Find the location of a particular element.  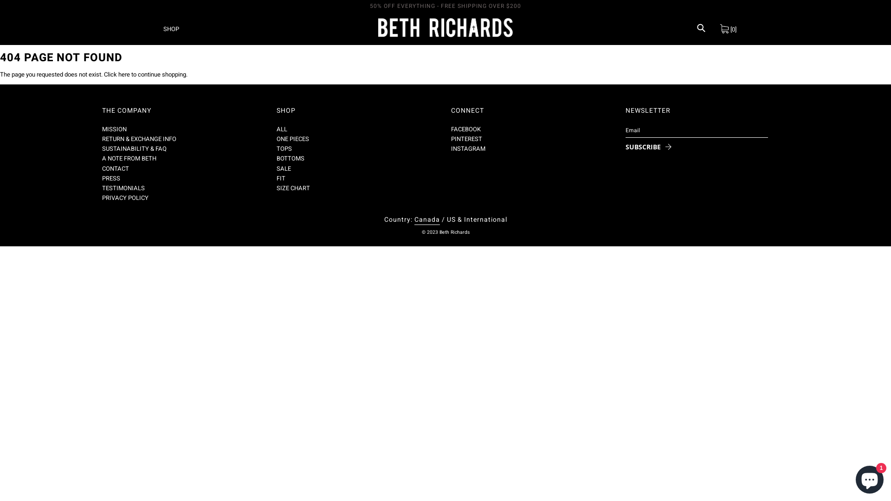

'TESTIMONIALS' is located at coordinates (102, 188).